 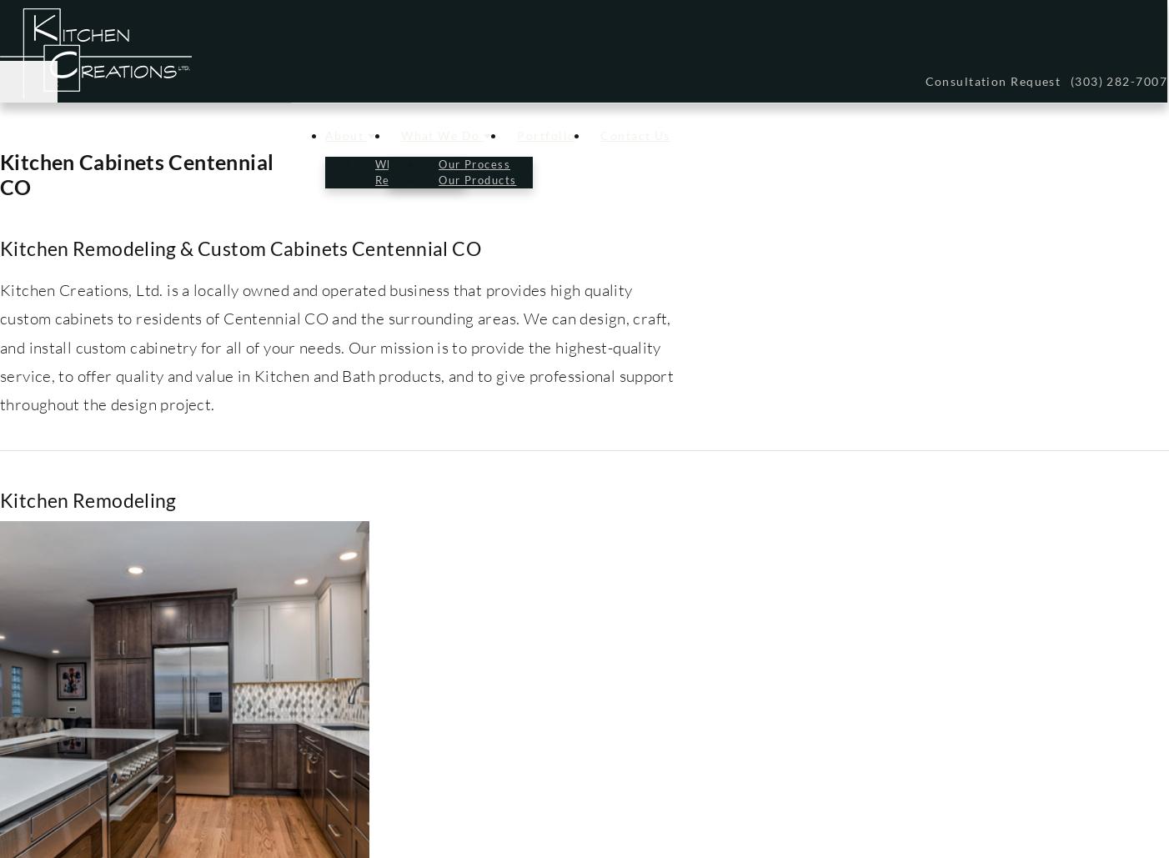 I want to click on 'Portfolio', so click(x=546, y=135).